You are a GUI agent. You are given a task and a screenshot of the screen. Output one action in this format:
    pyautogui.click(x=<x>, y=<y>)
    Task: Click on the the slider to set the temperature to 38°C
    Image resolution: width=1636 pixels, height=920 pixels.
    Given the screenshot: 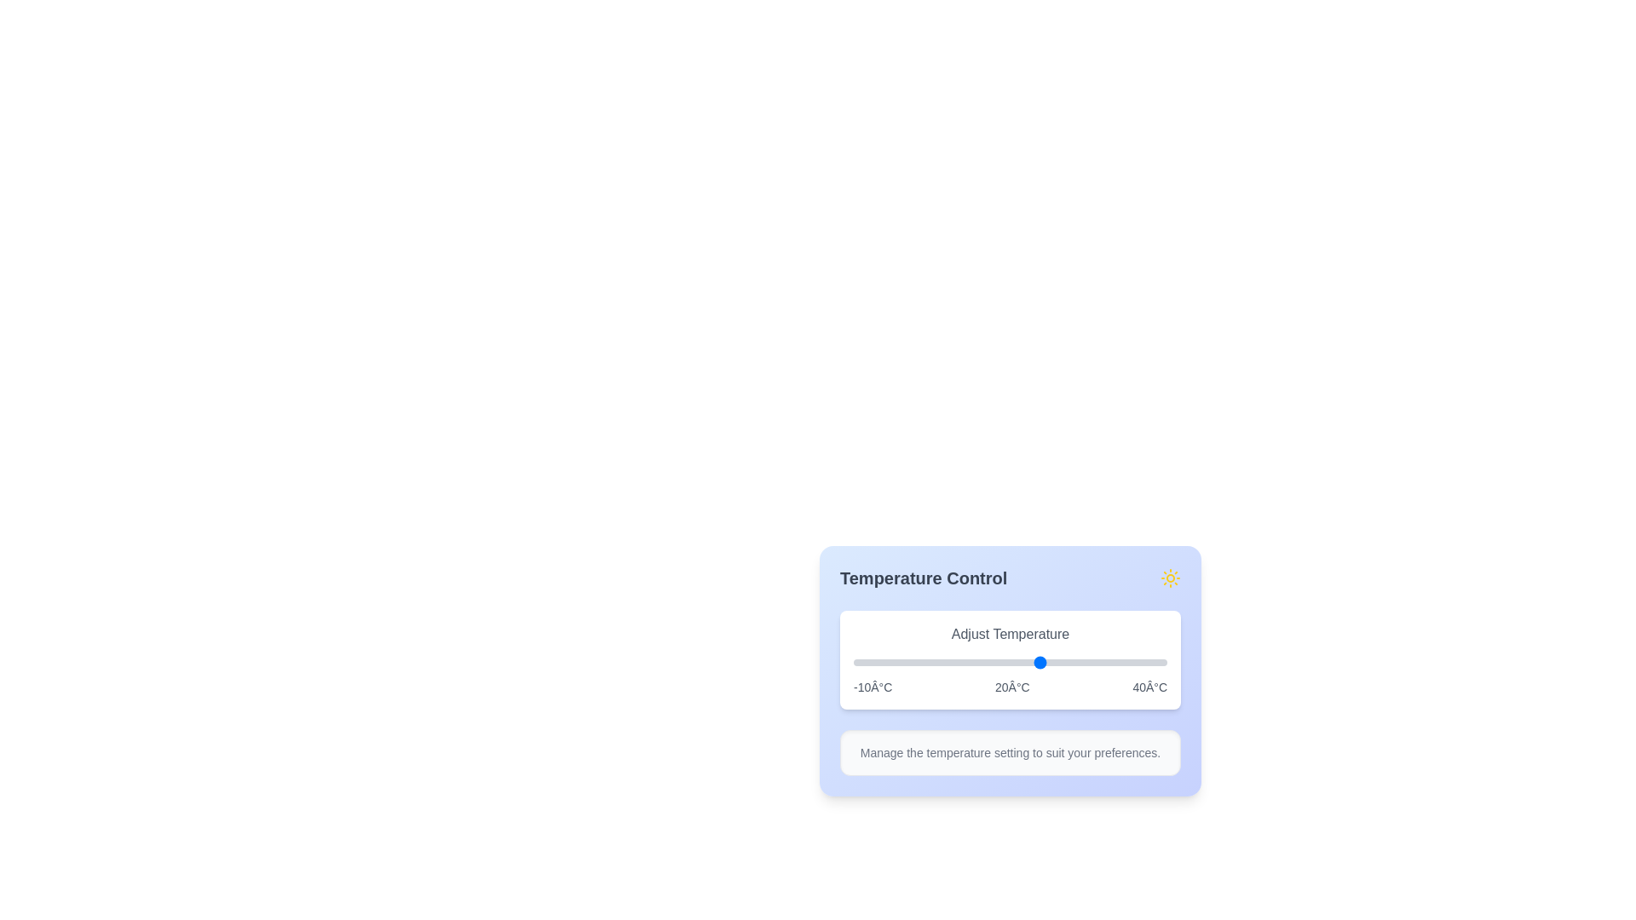 What is the action you would take?
    pyautogui.click(x=1155, y=662)
    